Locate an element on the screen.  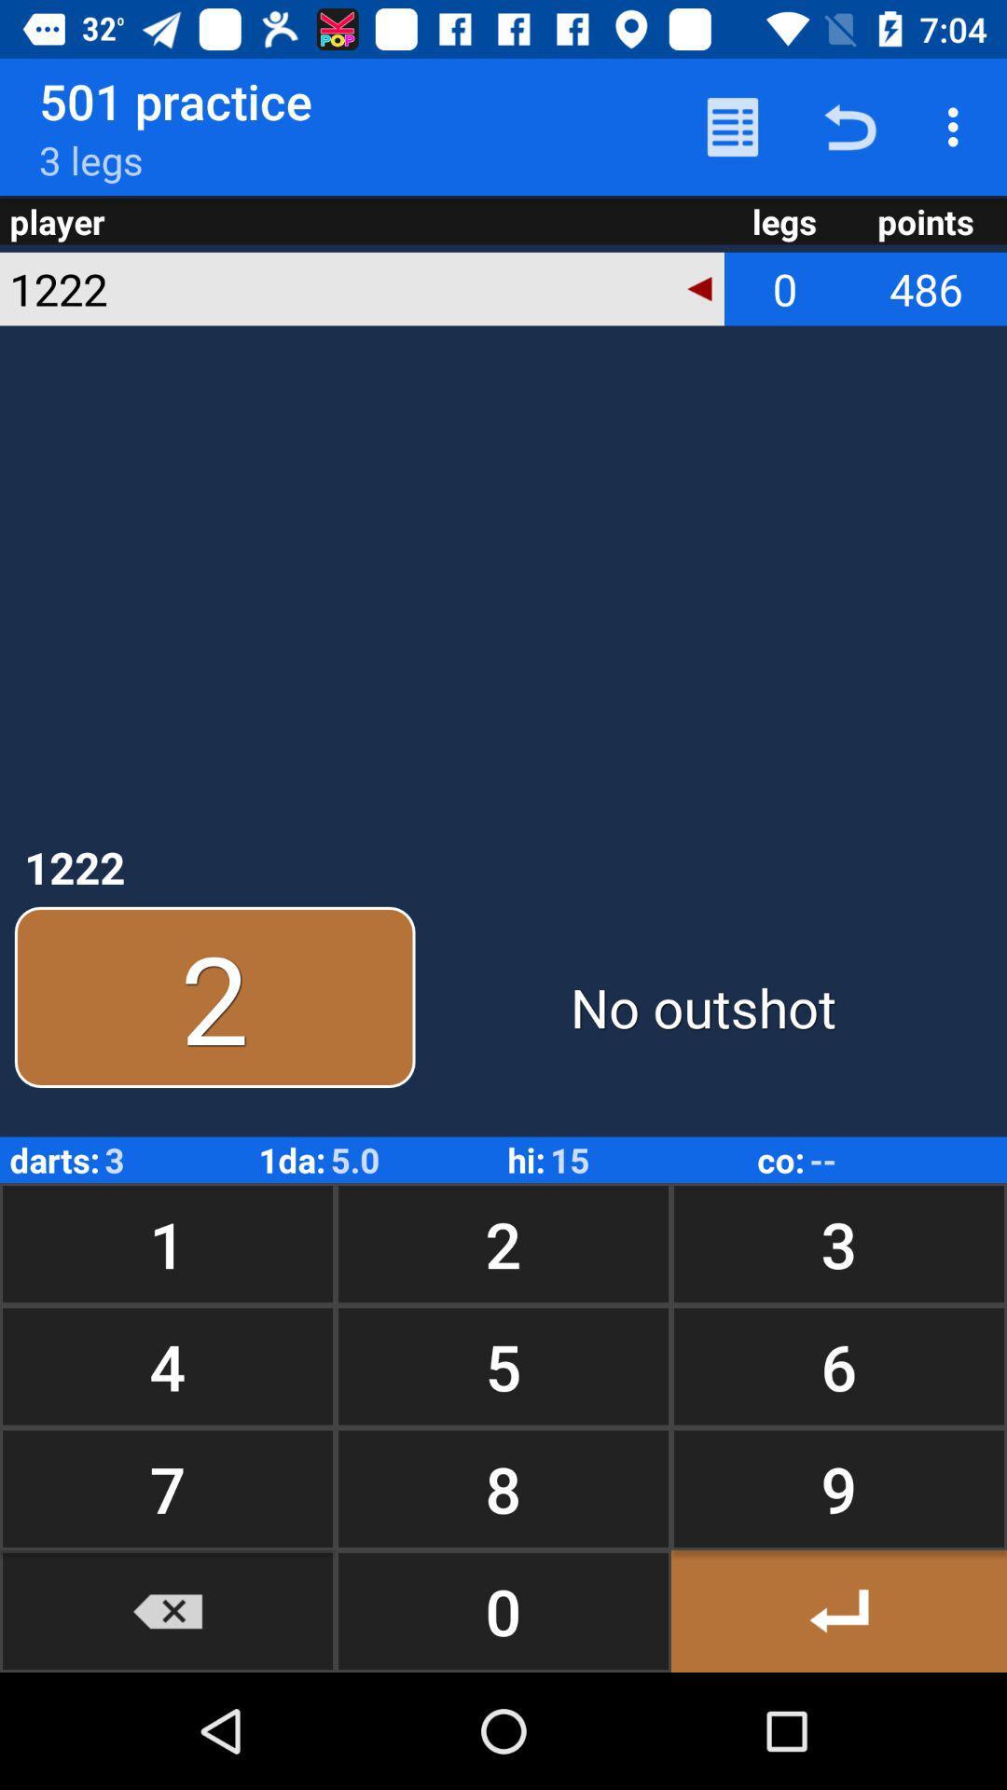
the button next to 8 is located at coordinates (168, 1610).